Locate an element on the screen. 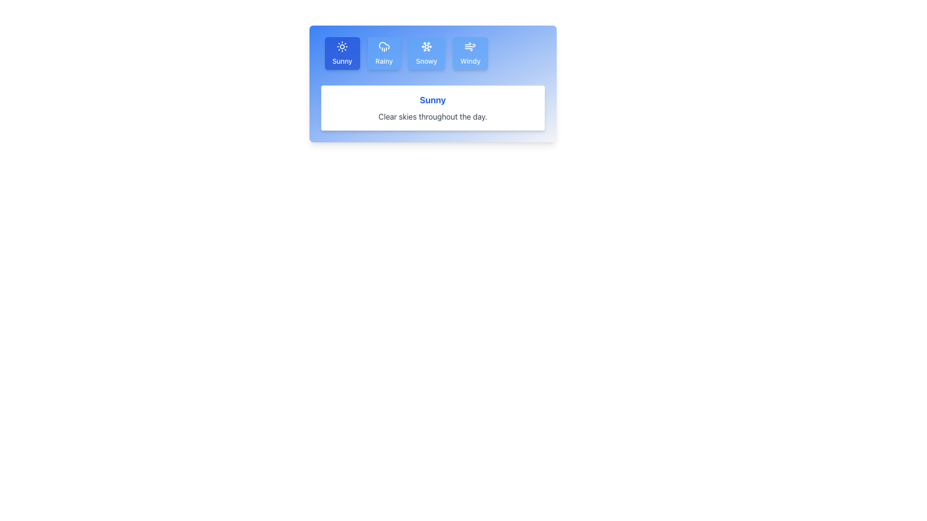 This screenshot has height=521, width=927. the text label displaying the bold 'Sunny' in large blue font, which is center-aligned and visually distinct within its white rounded box is located at coordinates (432, 100).